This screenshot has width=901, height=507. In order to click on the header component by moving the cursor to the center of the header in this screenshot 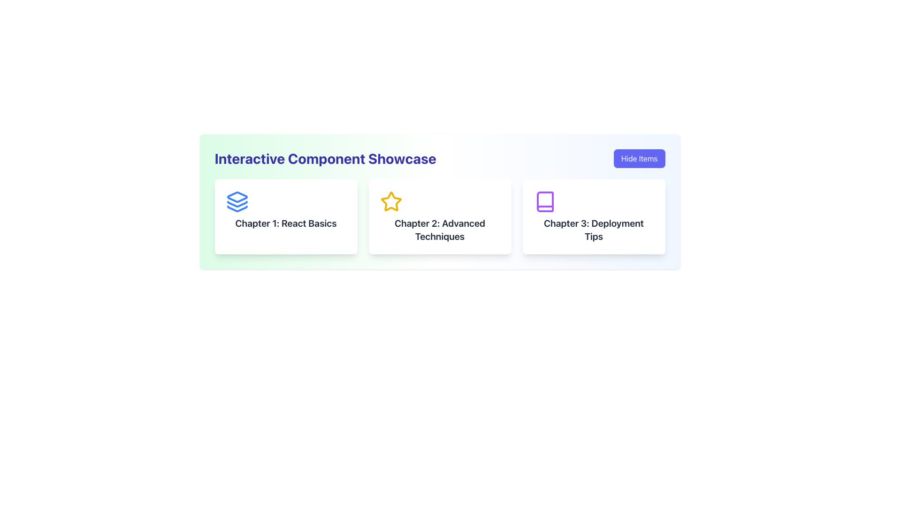, I will do `click(439, 158)`.